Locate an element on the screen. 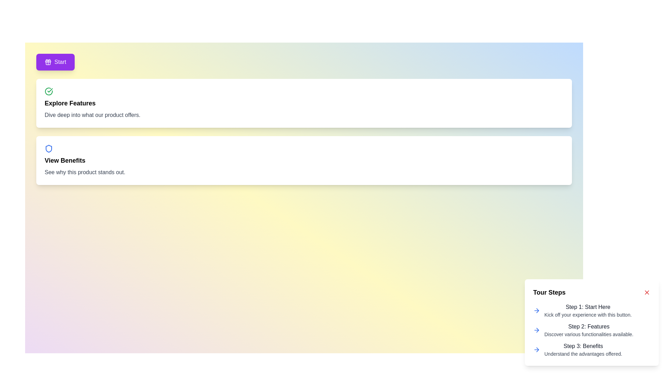 The width and height of the screenshot is (670, 377). the Text label with an icon indicating the first step of the Tour Steps is located at coordinates (591, 310).